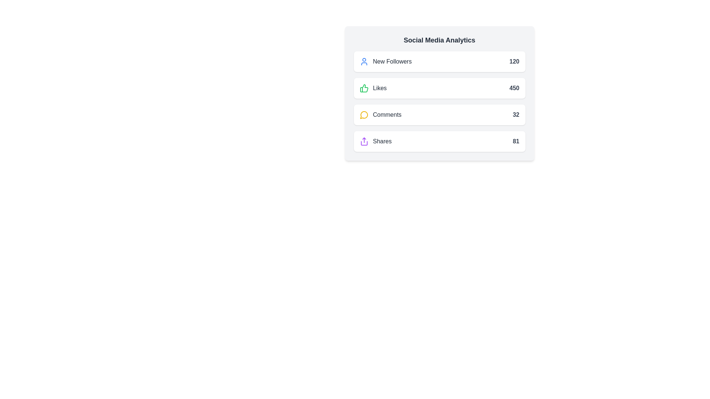  What do you see at coordinates (375, 141) in the screenshot?
I see `the 'Shares' text label, which is styled in medium-weight gray text and accompanied by a purple upward arrow icon, located in the bottom section of the 'Social Media Analytics' box` at bounding box center [375, 141].